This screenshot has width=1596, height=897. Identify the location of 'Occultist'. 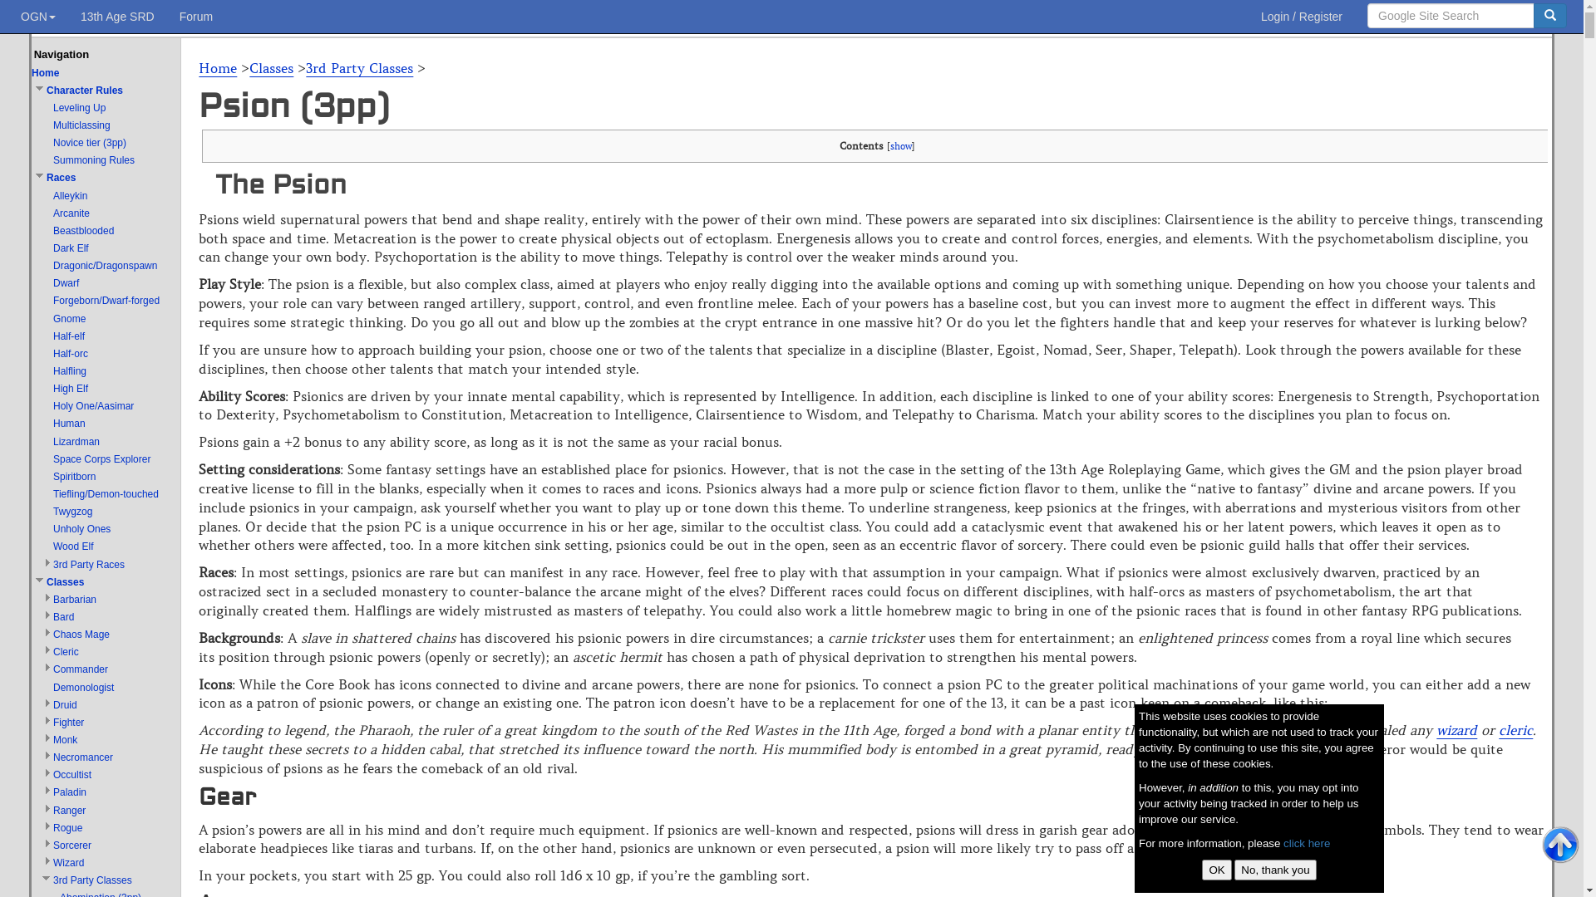
(71, 775).